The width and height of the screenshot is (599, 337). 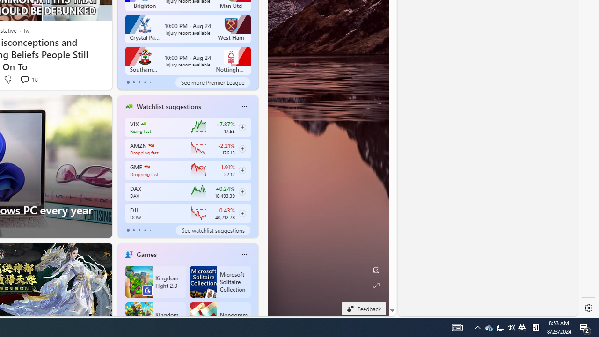 What do you see at coordinates (242, 213) in the screenshot?
I see `'Class: follow-button  m'` at bounding box center [242, 213].